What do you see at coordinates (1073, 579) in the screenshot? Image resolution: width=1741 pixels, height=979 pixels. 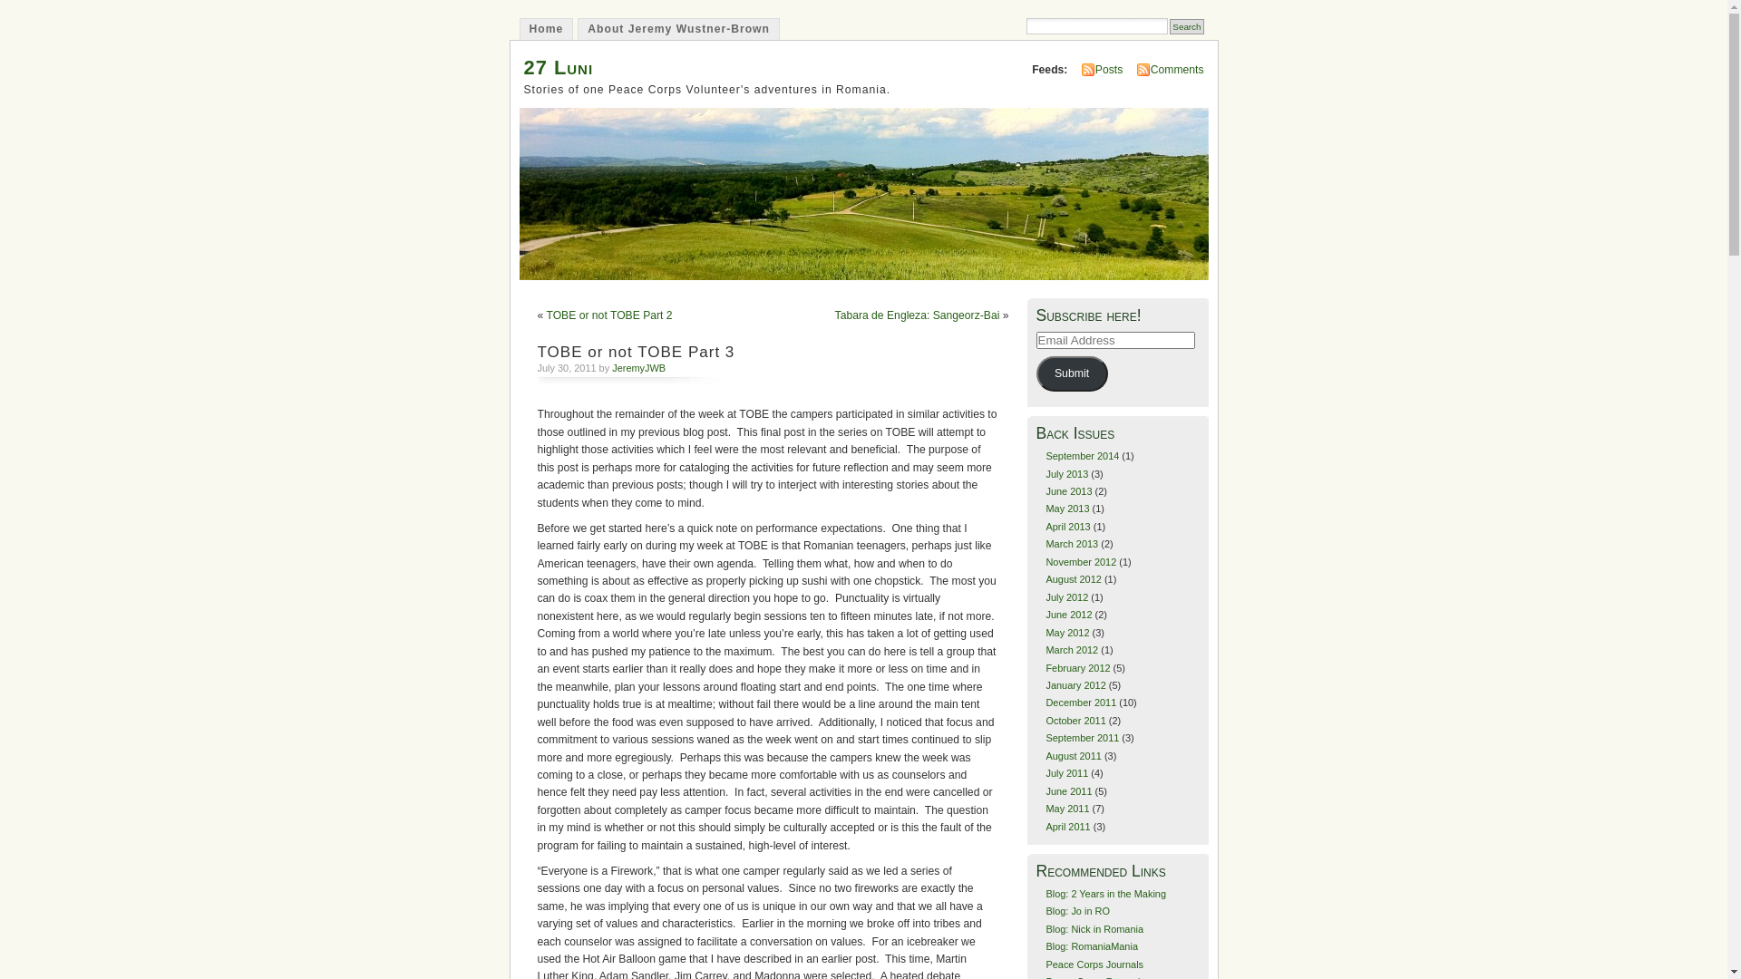 I see `'August 2012'` at bounding box center [1073, 579].